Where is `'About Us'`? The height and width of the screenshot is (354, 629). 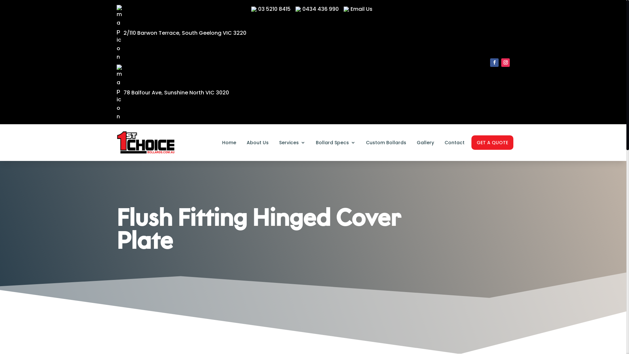 'About Us' is located at coordinates (257, 142).